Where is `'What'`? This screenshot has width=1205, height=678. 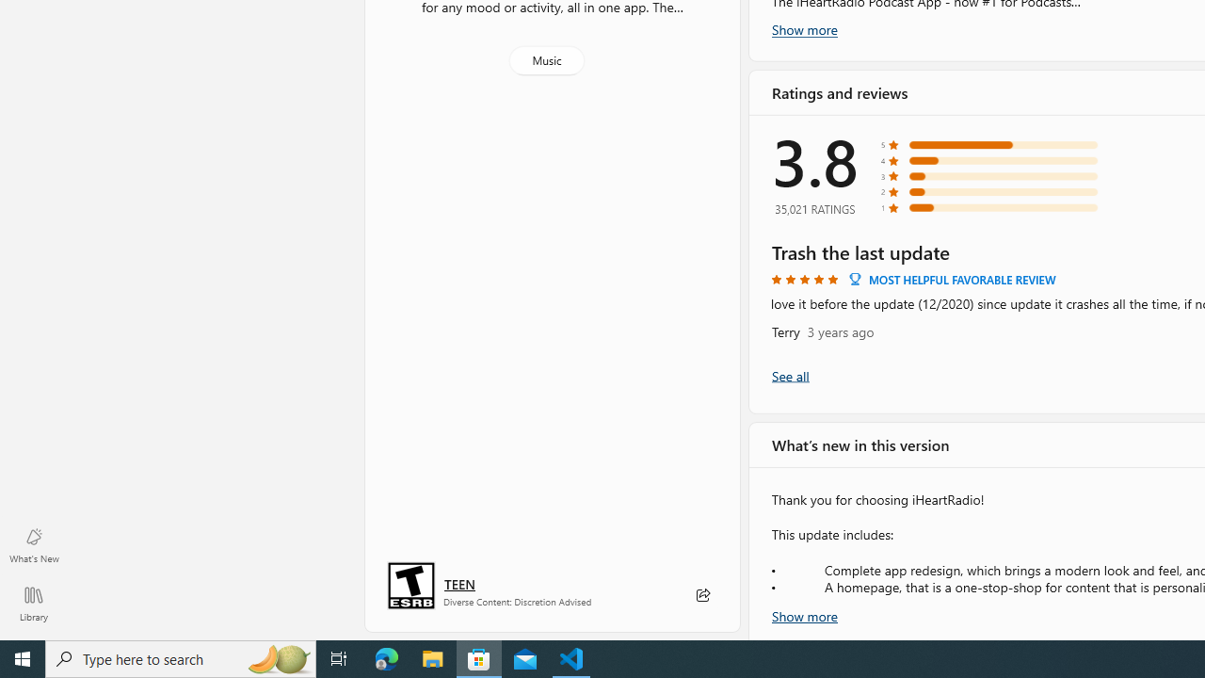 'What' is located at coordinates (33, 544).